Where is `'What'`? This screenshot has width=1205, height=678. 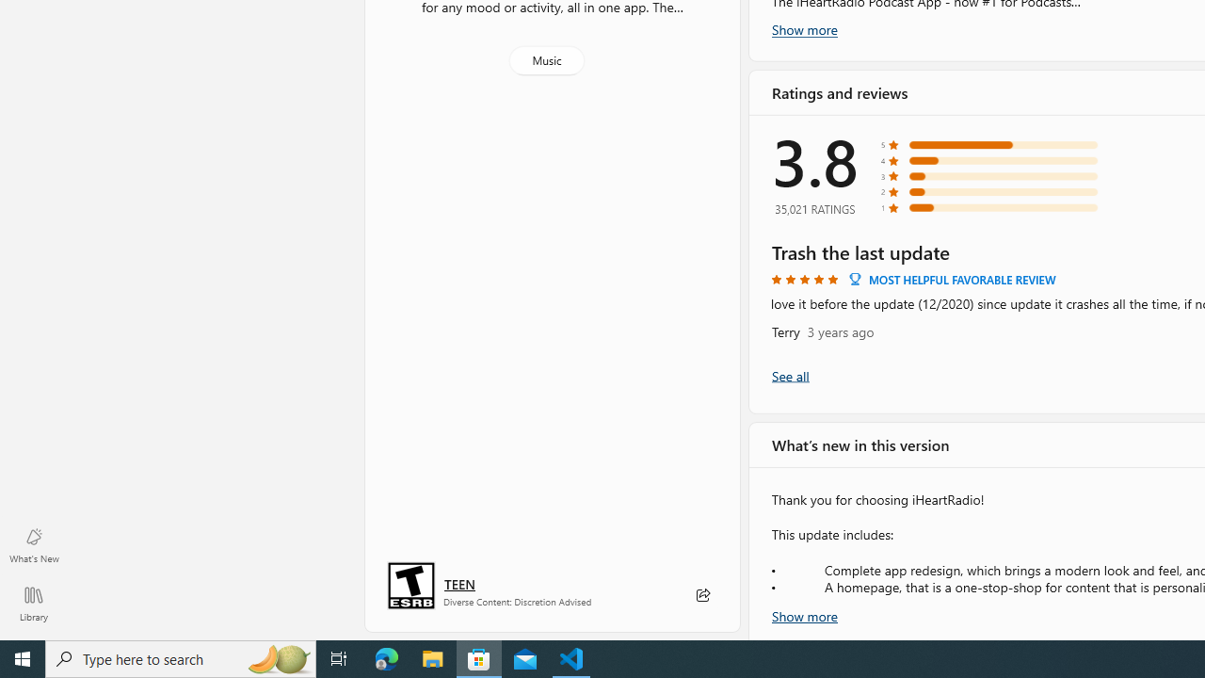 'What' is located at coordinates (33, 544).